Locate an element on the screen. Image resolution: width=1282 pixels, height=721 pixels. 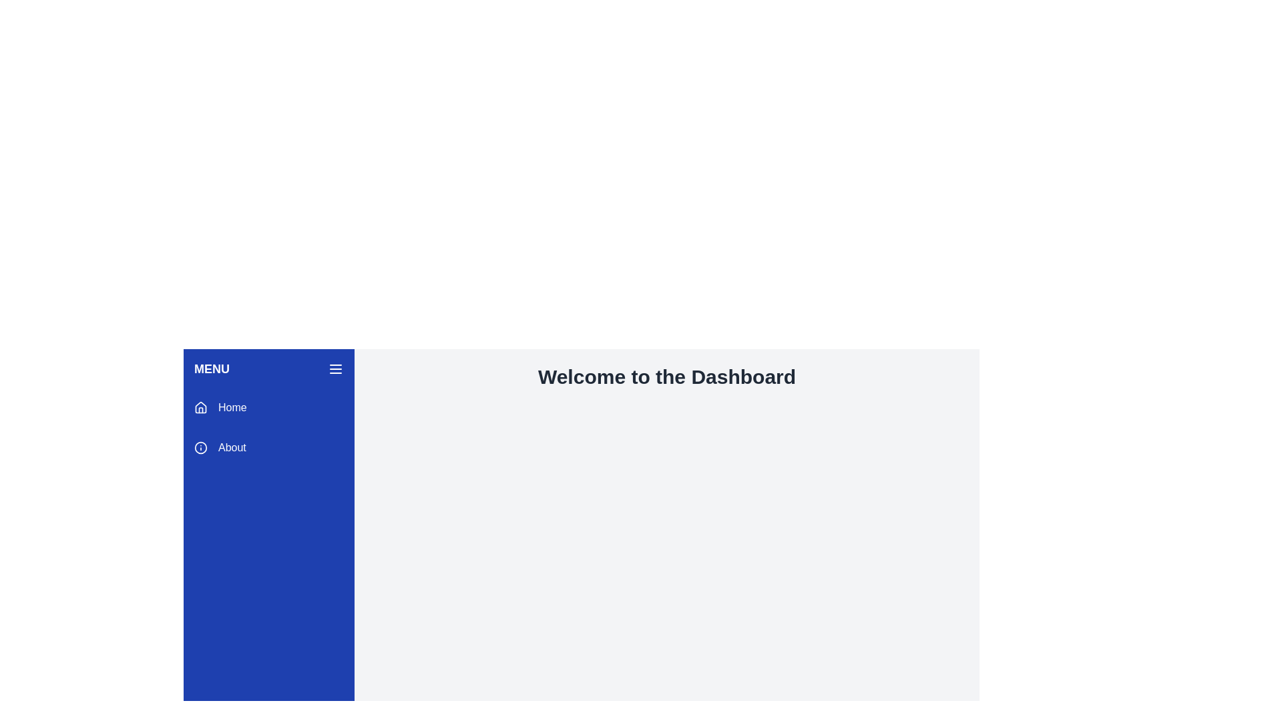
the 'Home' icon in the sidebar menu, which is represented by a house symbol with a triangular roof and square base is located at coordinates (200, 406).